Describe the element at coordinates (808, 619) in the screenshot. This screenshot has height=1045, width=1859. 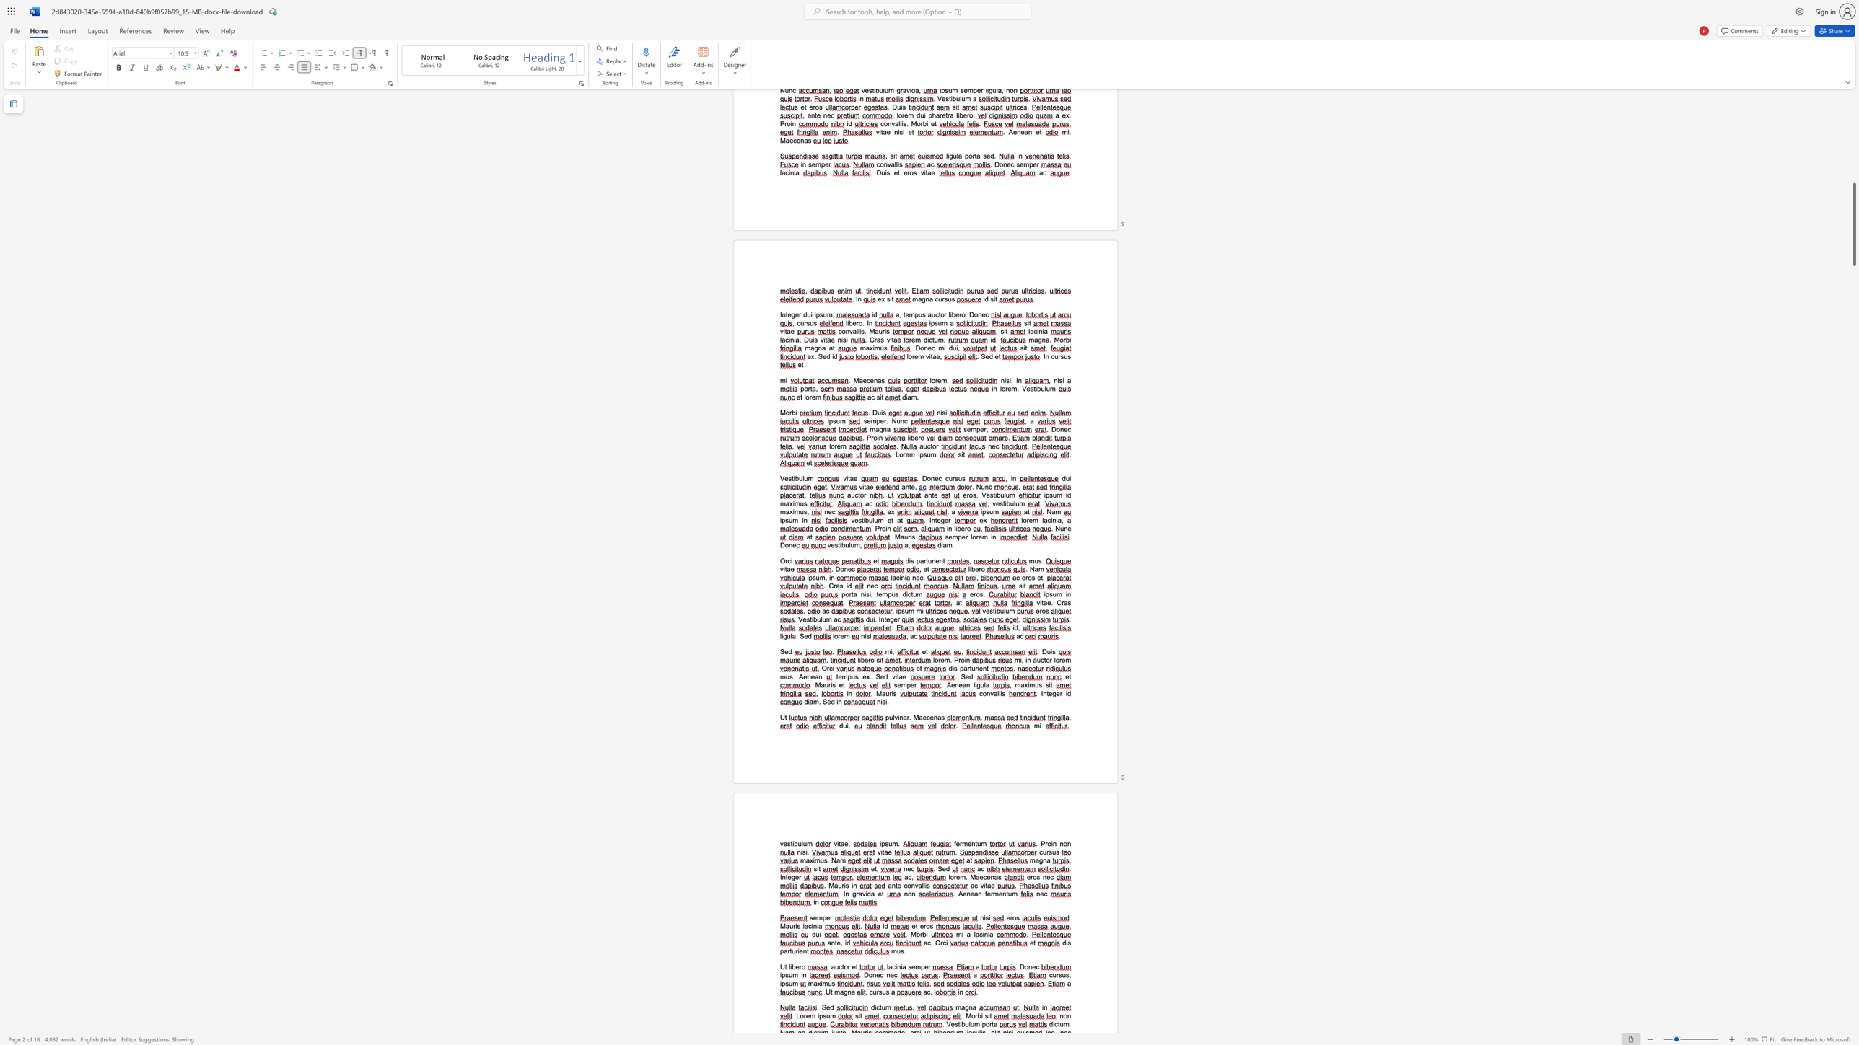
I see `the 1th character "s" in the text` at that location.